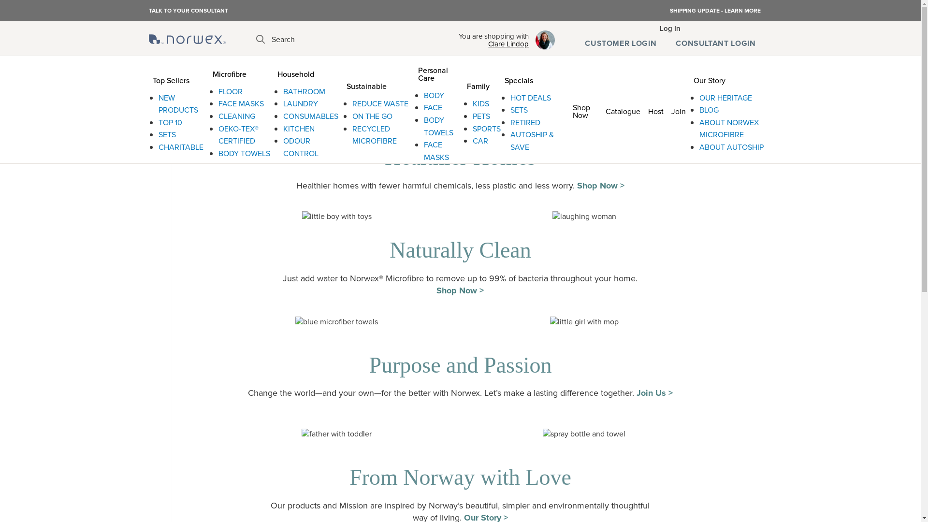 This screenshot has height=522, width=928. What do you see at coordinates (282, 147) in the screenshot?
I see `'ODOUR CONTROL'` at bounding box center [282, 147].